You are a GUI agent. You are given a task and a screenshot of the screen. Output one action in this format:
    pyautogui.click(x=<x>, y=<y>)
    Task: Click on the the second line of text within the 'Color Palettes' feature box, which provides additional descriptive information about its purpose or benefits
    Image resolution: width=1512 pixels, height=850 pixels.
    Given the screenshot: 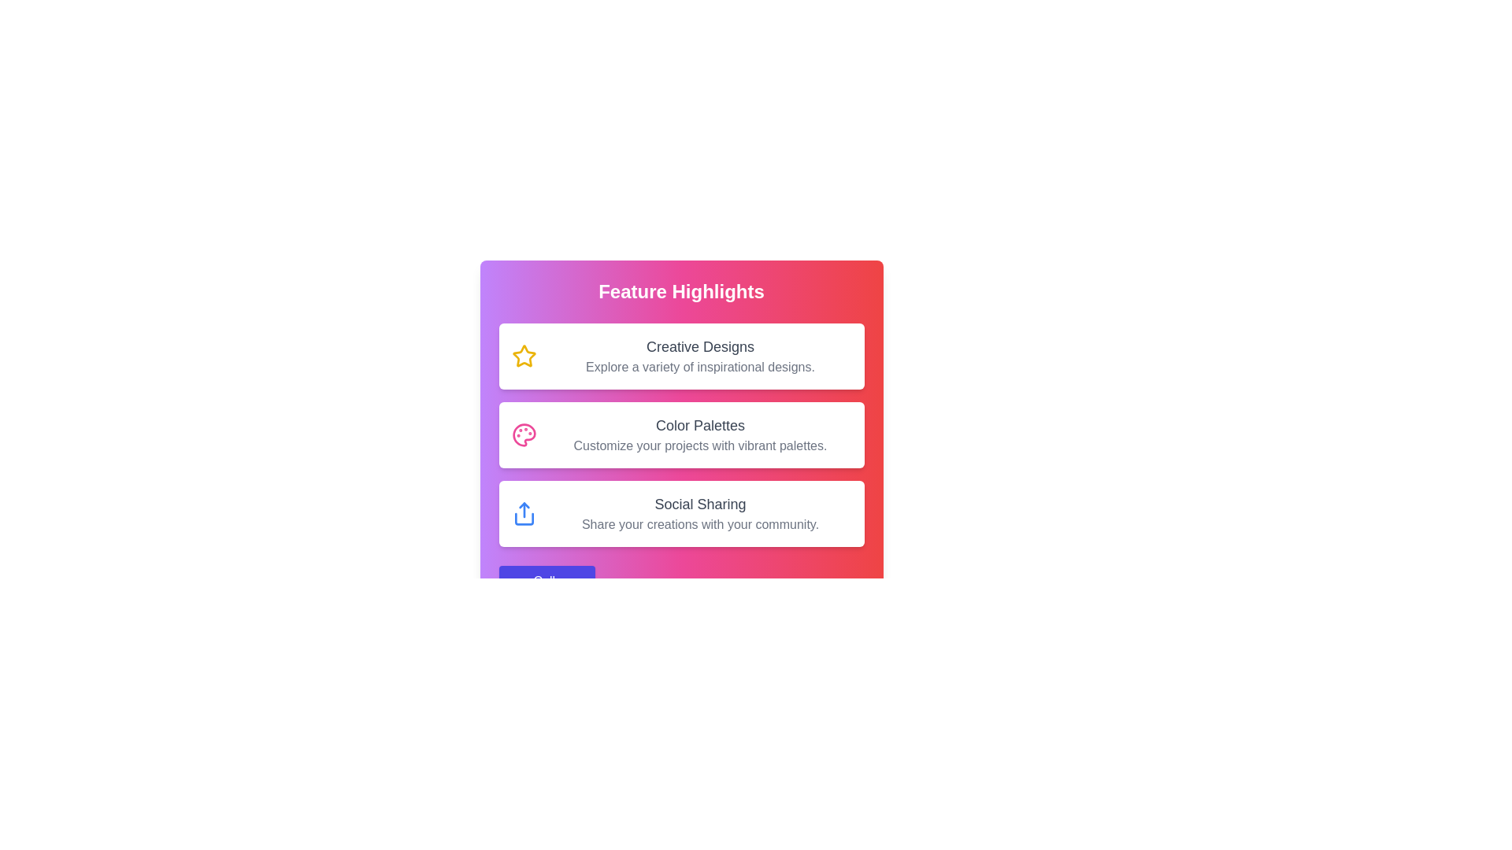 What is the action you would take?
    pyautogui.click(x=699, y=446)
    